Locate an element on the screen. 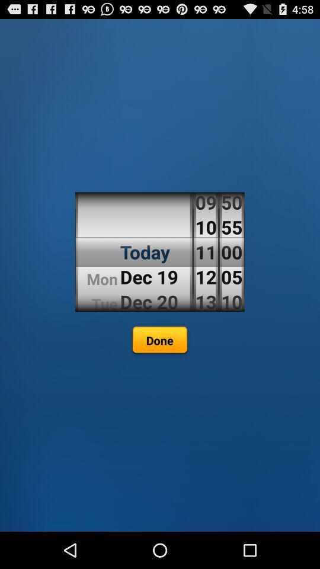  done icon is located at coordinates (159, 341).